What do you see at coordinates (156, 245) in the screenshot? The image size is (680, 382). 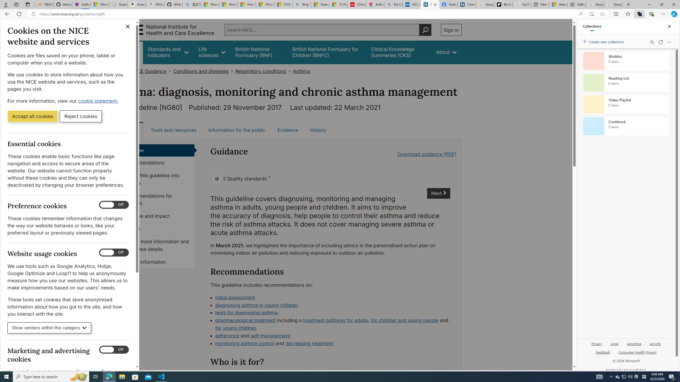 I see `'Finding more information and committee details'` at bounding box center [156, 245].